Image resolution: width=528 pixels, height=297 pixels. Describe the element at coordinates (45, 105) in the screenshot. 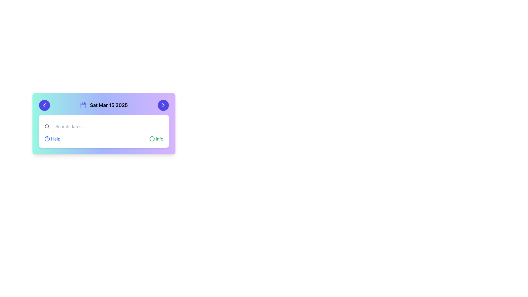

I see `the leftward-pointing chevron icon located in the top-left corner of the primary interface card` at that location.